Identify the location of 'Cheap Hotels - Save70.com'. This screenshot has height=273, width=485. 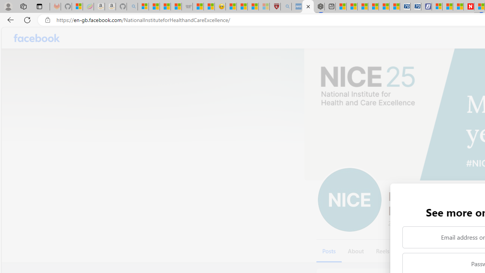
(415, 6).